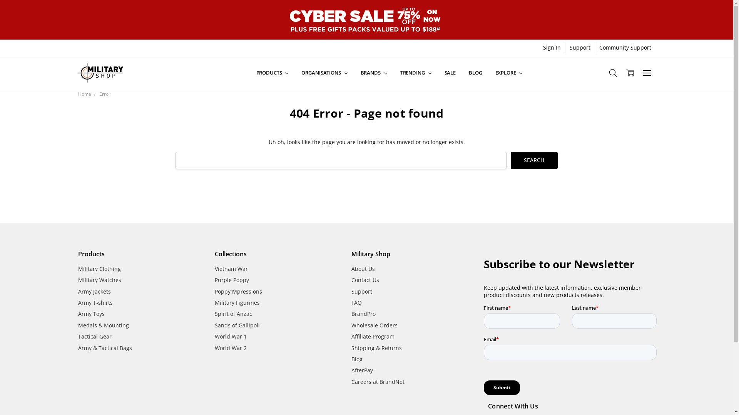 This screenshot has width=739, height=415. What do you see at coordinates (475, 73) in the screenshot?
I see `'BLOG'` at bounding box center [475, 73].